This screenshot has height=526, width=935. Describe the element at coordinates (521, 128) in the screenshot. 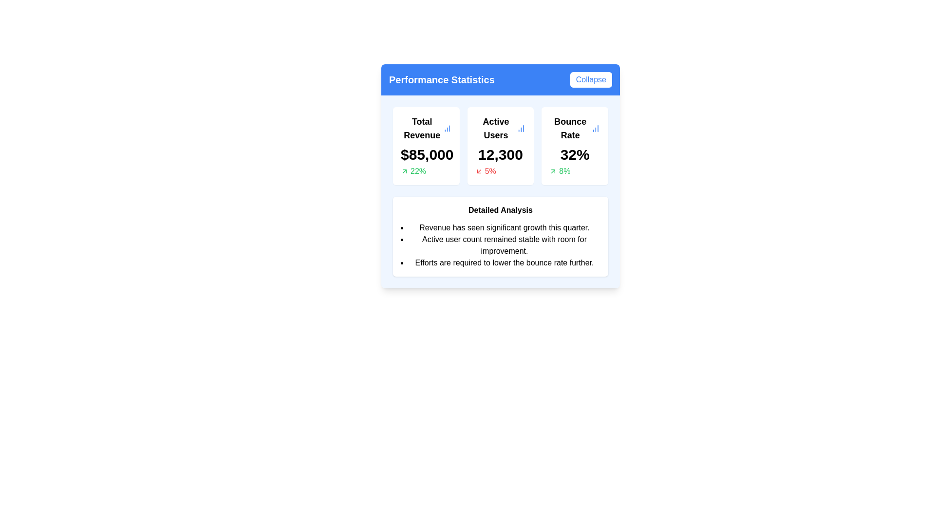

I see `the Icon that represents data related to active users, located slightly to the right of the 'Active Users' text in the 'Performance Statistics' card` at that location.